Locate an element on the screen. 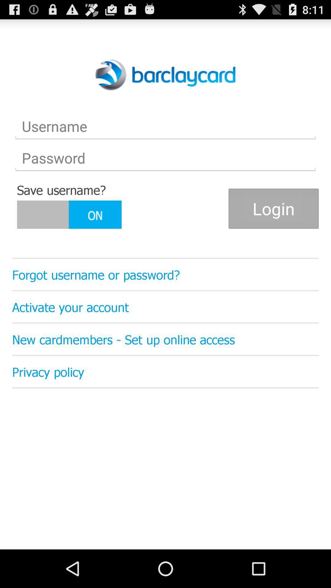  icon on the right is located at coordinates (273, 209).